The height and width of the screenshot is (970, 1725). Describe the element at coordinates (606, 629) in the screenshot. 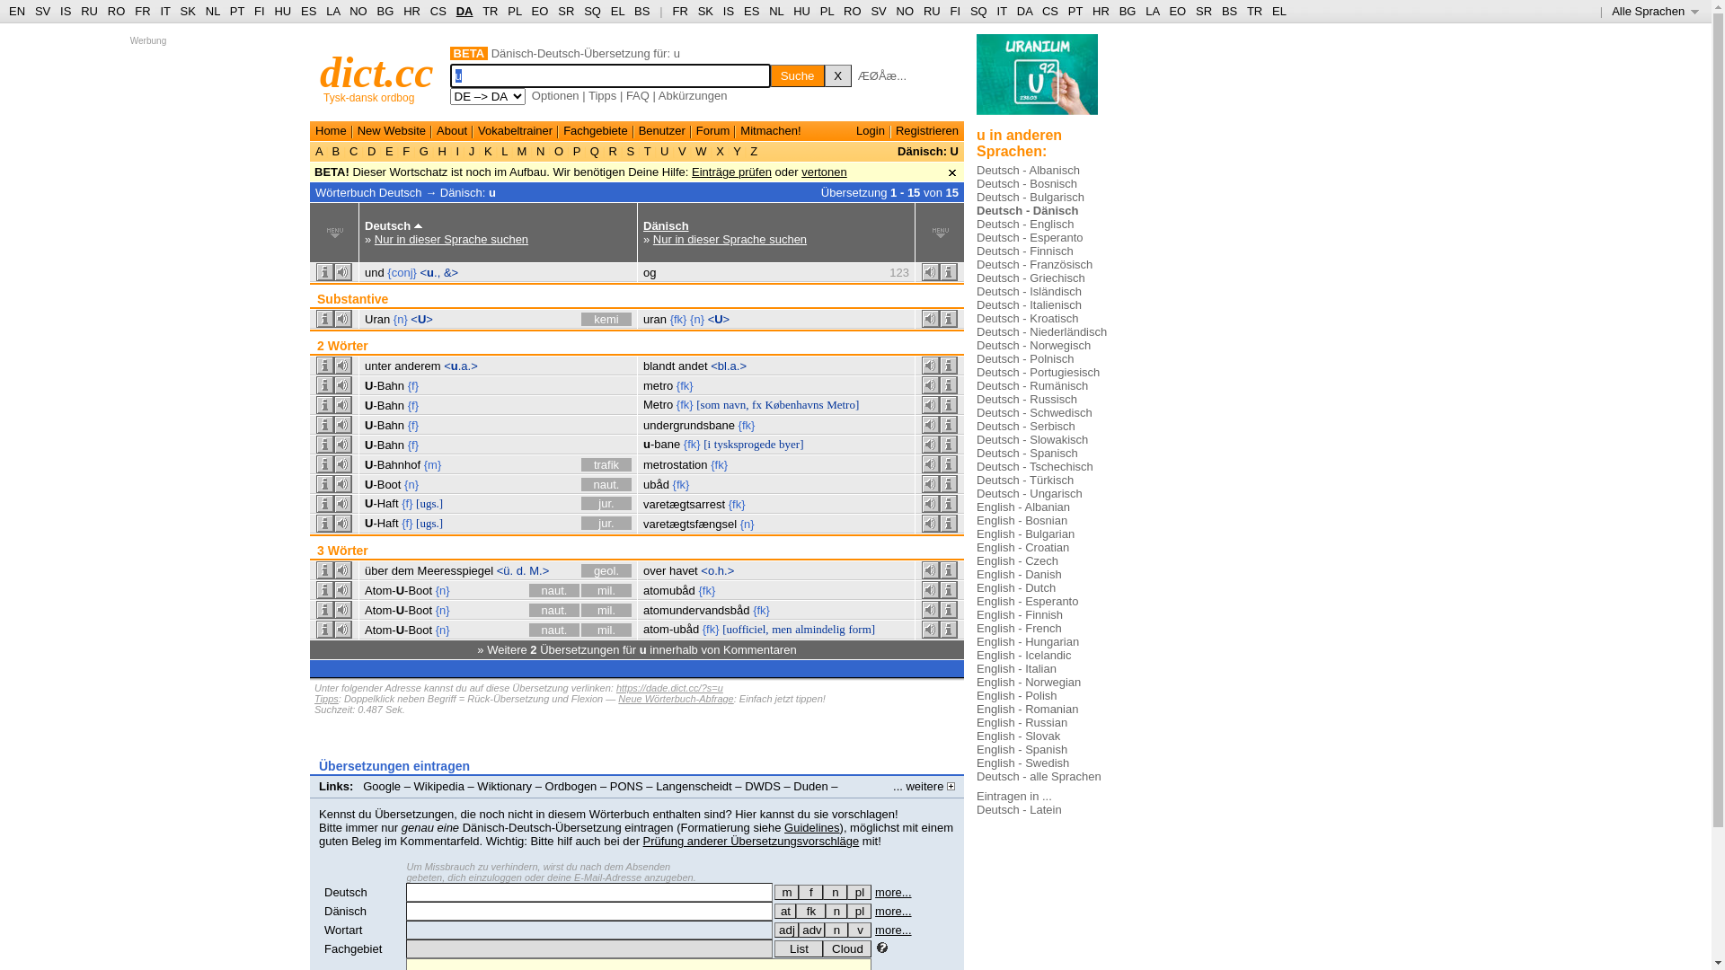

I see `'mil.'` at that location.